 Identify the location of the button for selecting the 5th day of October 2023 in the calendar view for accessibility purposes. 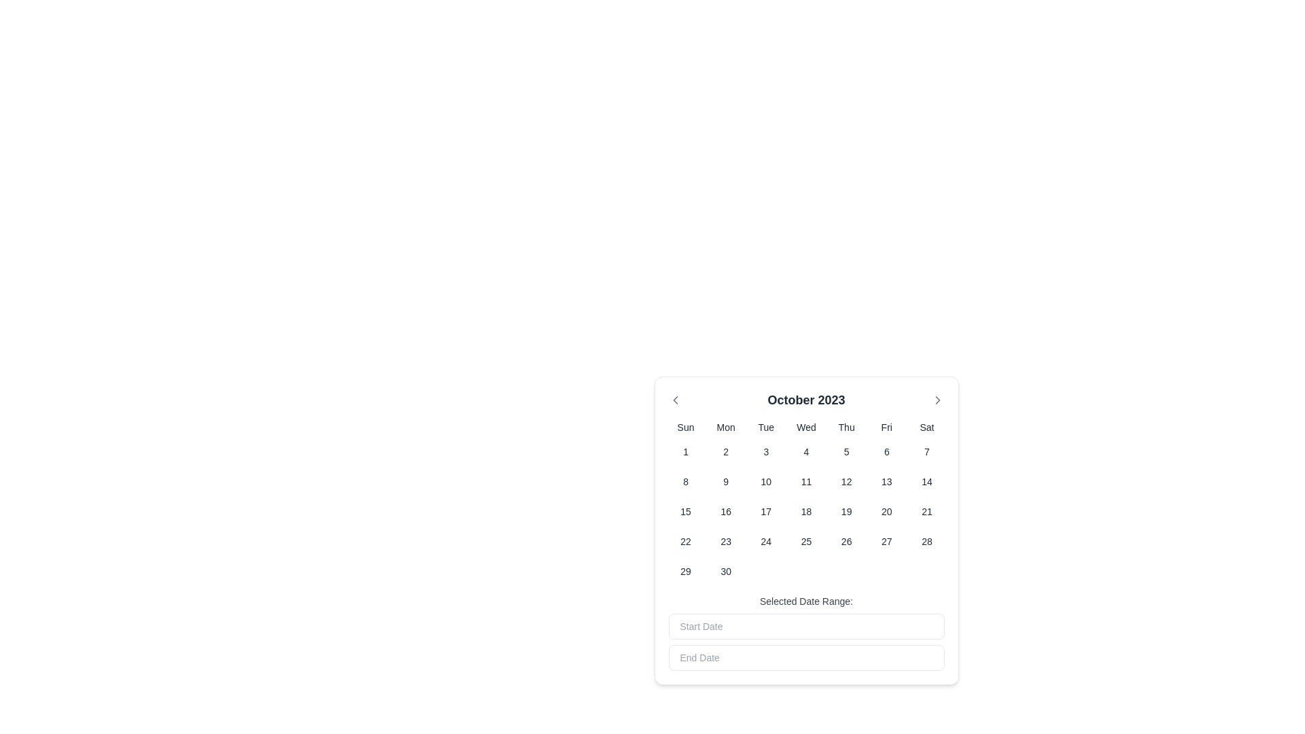
(846, 451).